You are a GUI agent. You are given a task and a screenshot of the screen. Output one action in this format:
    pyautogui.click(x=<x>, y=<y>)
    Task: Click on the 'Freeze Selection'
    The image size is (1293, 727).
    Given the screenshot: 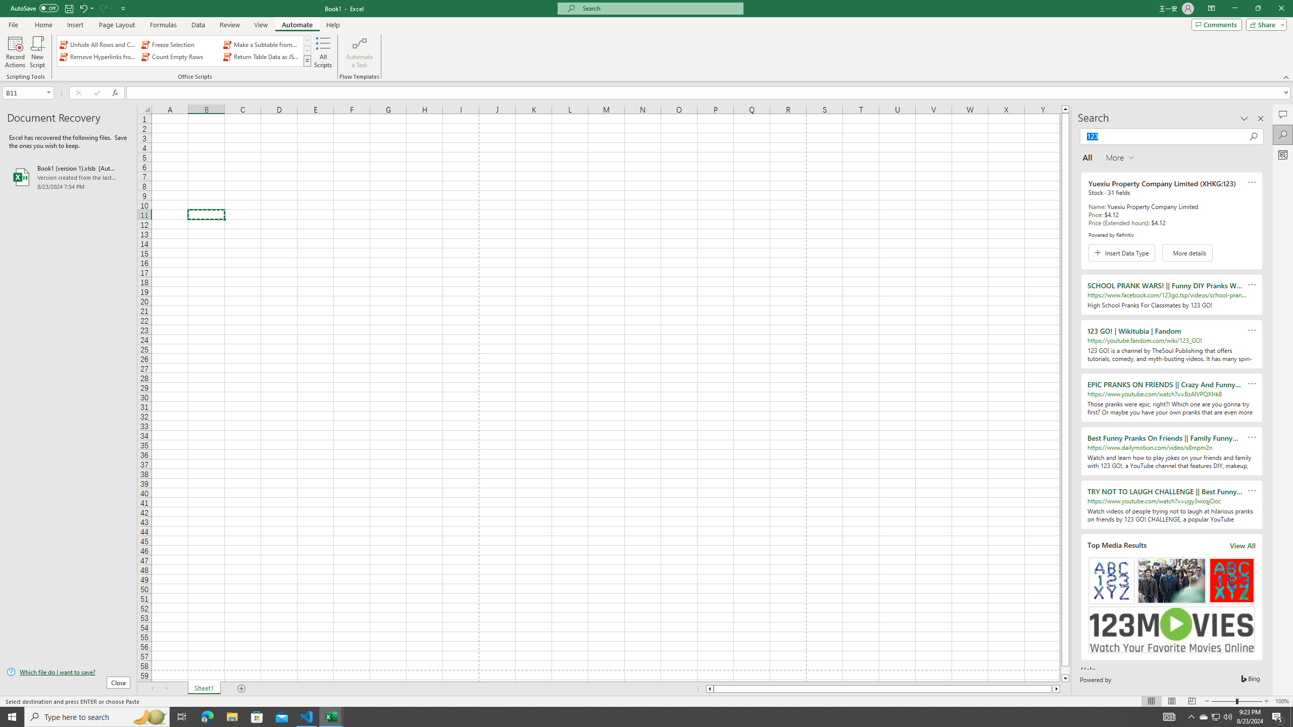 What is the action you would take?
    pyautogui.click(x=180, y=44)
    